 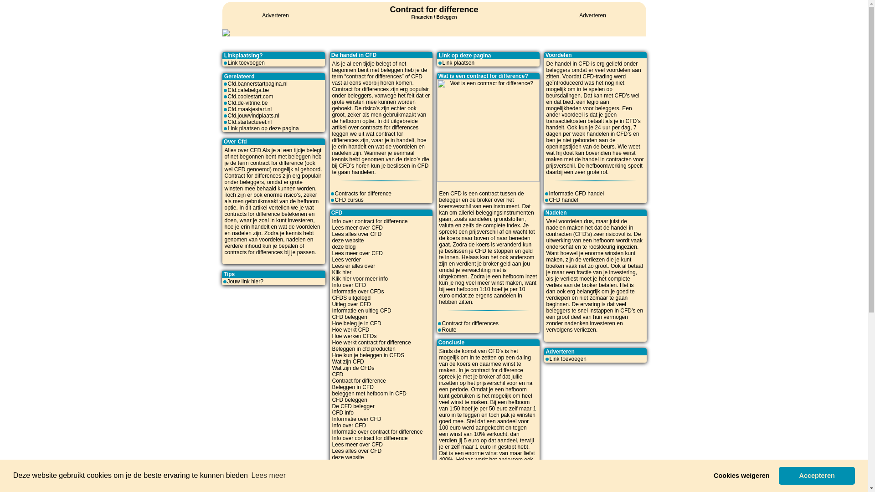 I want to click on 'Cfd.coolestart.com', so click(x=251, y=97).